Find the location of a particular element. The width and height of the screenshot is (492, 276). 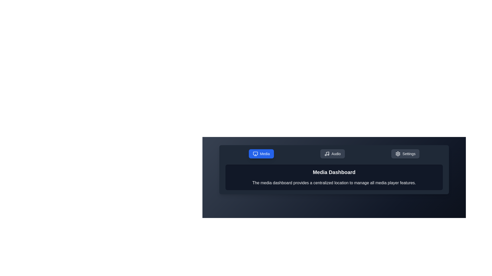

'Settings' label on the button which is styled with a medium sans-serif font on a dark background, located at the top-right corner of the interface is located at coordinates (409, 153).